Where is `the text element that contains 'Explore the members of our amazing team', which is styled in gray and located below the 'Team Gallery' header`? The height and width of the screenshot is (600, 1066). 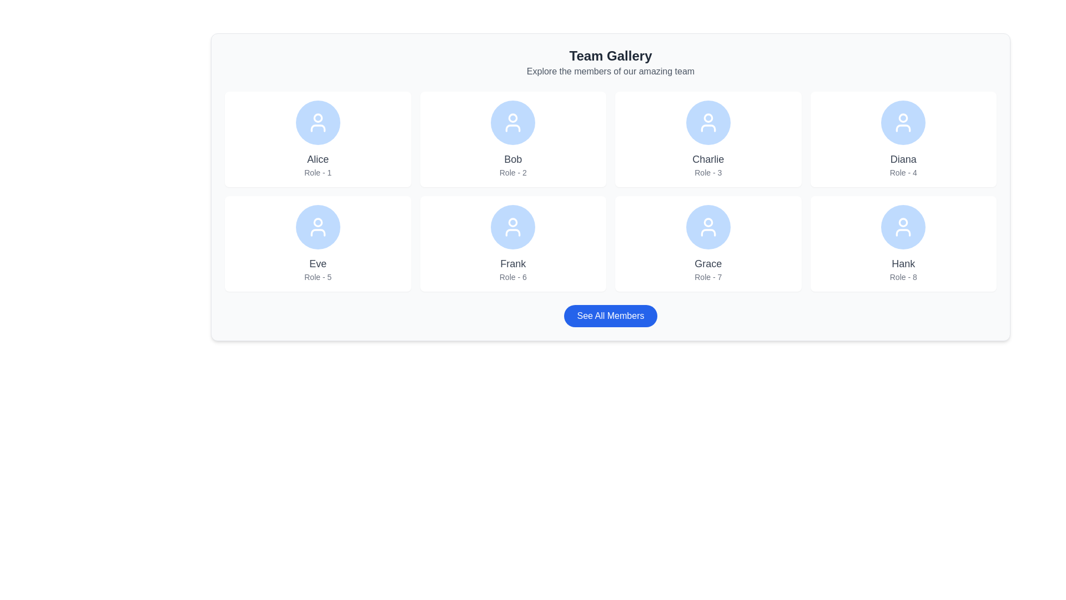
the text element that contains 'Explore the members of our amazing team', which is styled in gray and located below the 'Team Gallery' header is located at coordinates (610, 71).